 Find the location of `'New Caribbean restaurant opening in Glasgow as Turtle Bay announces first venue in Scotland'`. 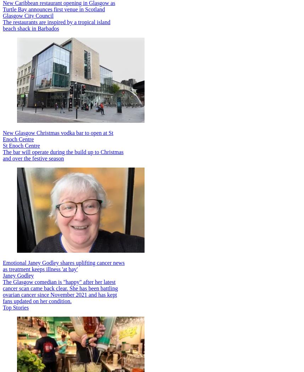

'New Caribbean restaurant opening in Glasgow as Turtle Bay announces first venue in Scotland' is located at coordinates (58, 6).